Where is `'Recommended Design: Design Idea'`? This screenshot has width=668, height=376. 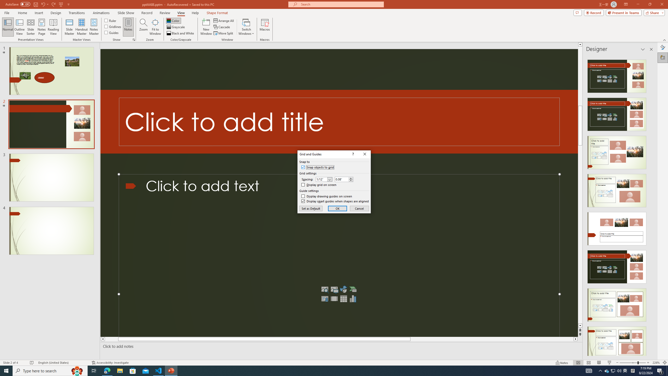 'Recommended Design: Design Idea' is located at coordinates (617, 74).